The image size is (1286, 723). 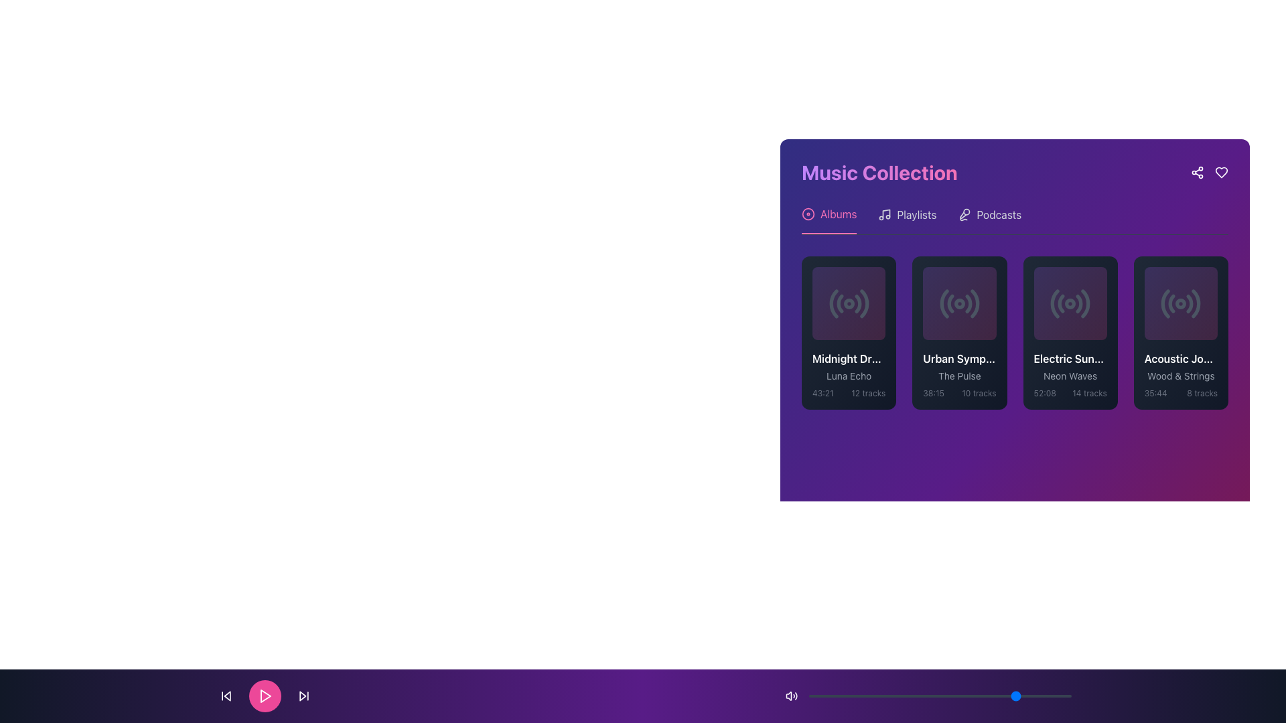 I want to click on the Podcasts icon located in the top-right corner of the Music Collection section, so click(x=964, y=214).